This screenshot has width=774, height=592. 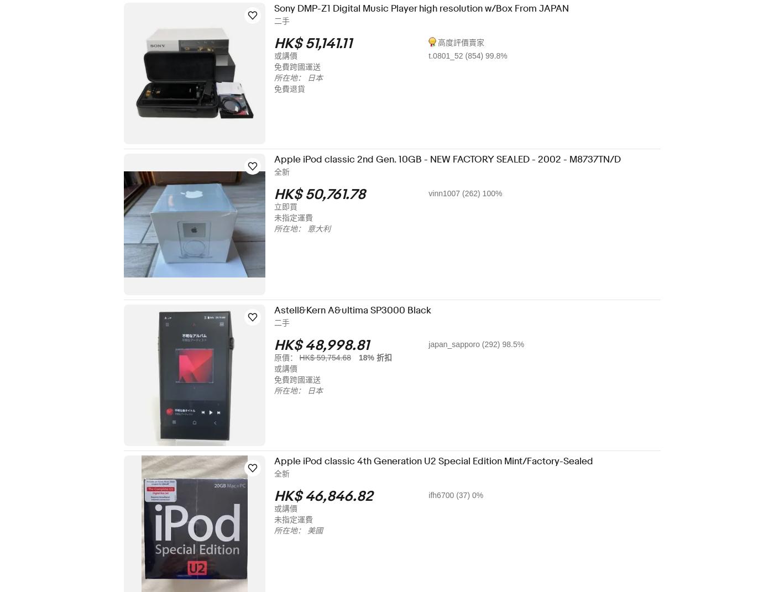 What do you see at coordinates (475, 55) in the screenshot?
I see `'t.0801_52 (854) 99.8%'` at bounding box center [475, 55].